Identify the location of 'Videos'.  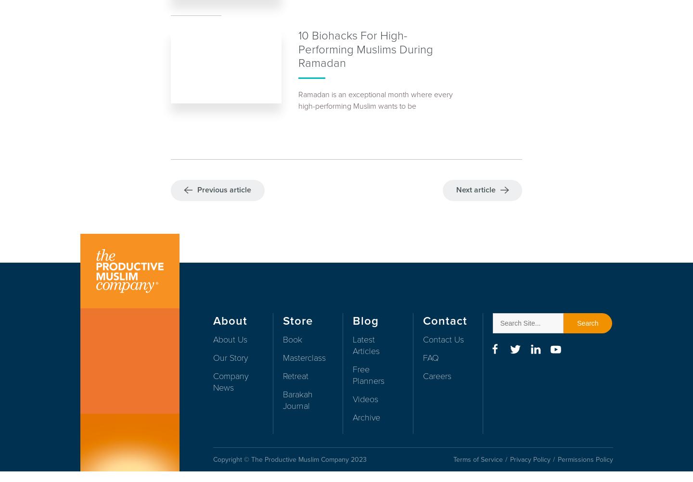
(365, 398).